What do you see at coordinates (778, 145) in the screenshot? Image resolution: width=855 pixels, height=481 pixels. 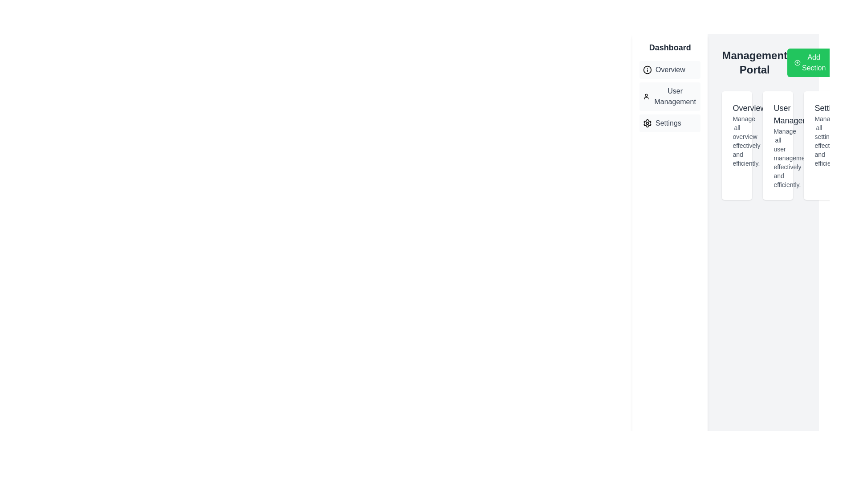 I see `the Informational card located in the middle column, second from the left, between the 'Overview' card and the 'Settings' card` at bounding box center [778, 145].